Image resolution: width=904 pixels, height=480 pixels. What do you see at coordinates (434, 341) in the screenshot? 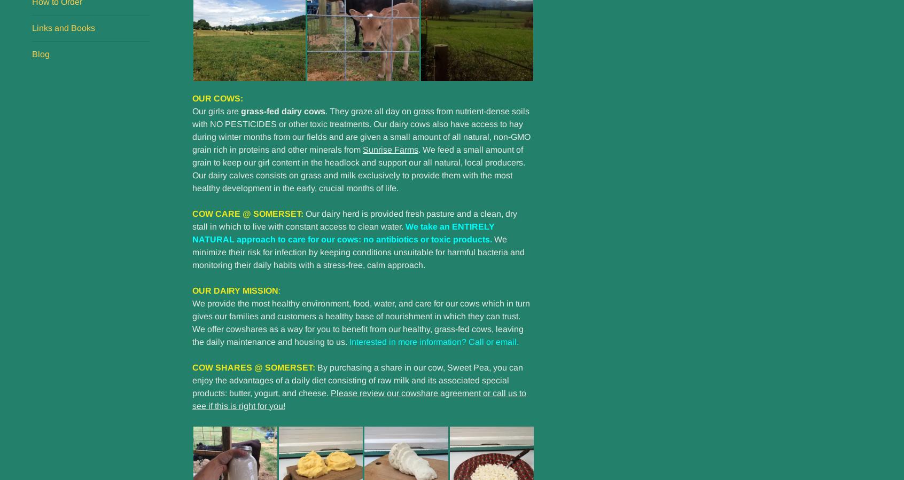
I see `'Interested in more information? Call or email.'` at bounding box center [434, 341].